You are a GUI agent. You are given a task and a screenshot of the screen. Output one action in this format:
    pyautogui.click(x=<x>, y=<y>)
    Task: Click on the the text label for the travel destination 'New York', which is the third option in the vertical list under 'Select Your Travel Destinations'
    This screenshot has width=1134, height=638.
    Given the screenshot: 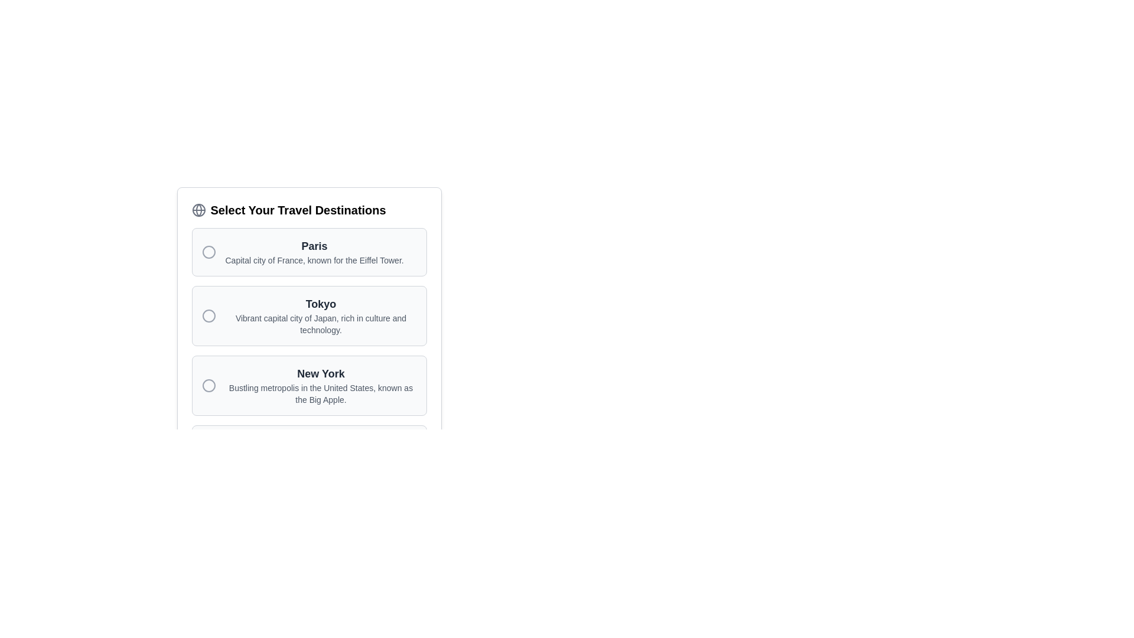 What is the action you would take?
    pyautogui.click(x=321, y=385)
    